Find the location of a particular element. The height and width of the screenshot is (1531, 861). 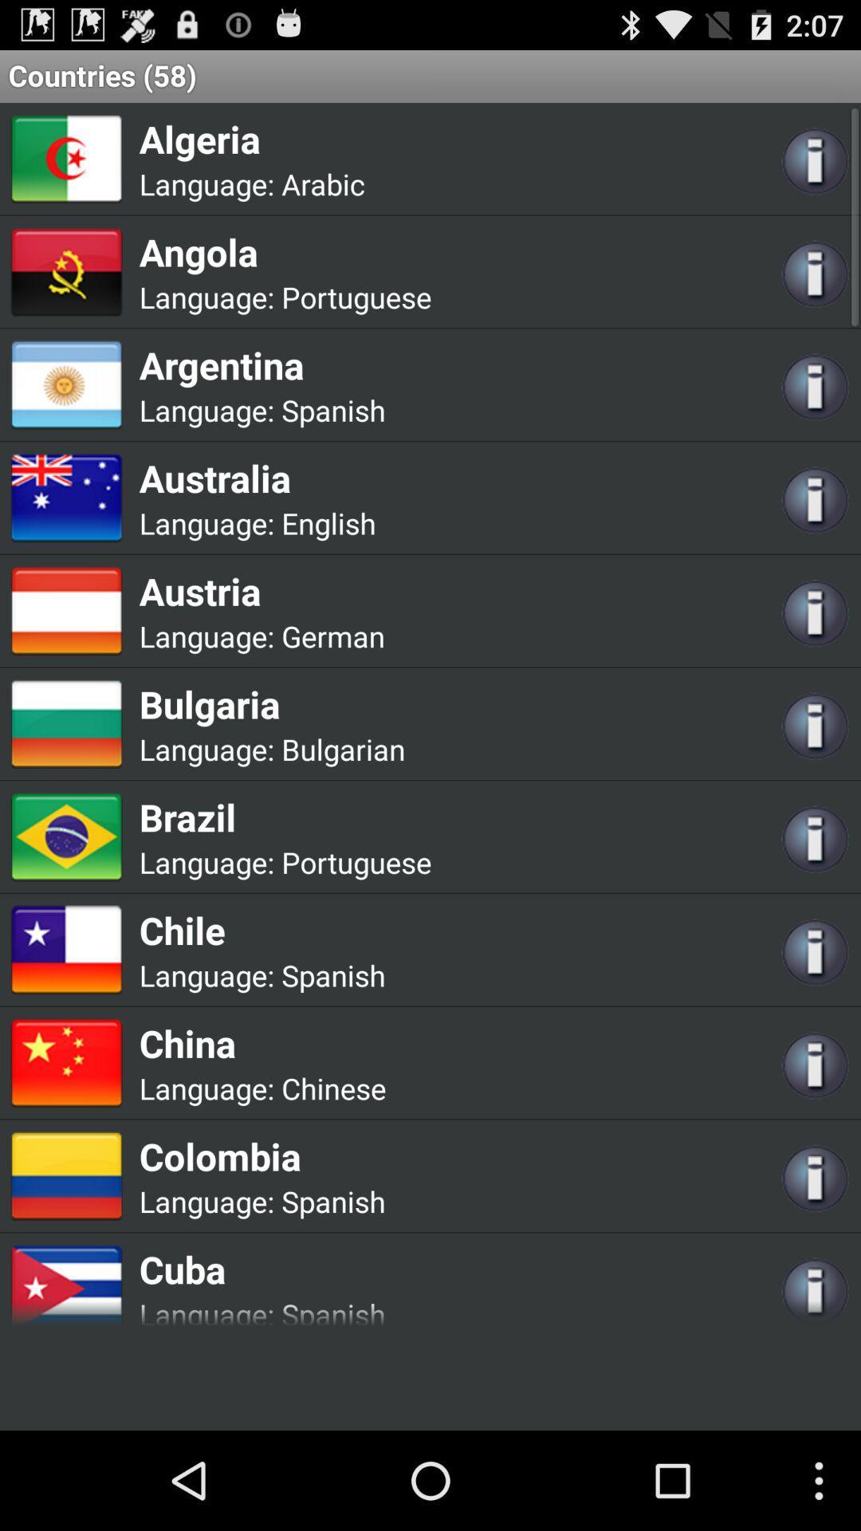

icon above language:  app is located at coordinates (261, 1156).